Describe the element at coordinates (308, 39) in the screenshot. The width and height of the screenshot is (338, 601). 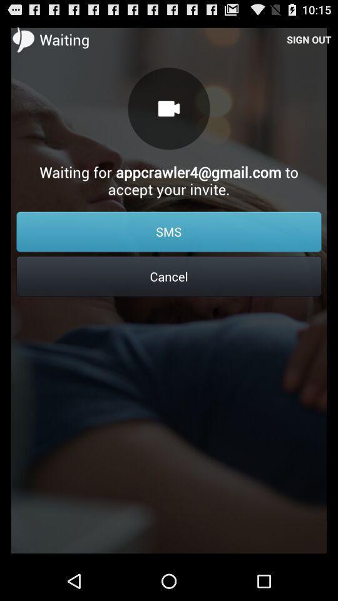
I see `the item to the right of the waiting icon` at that location.